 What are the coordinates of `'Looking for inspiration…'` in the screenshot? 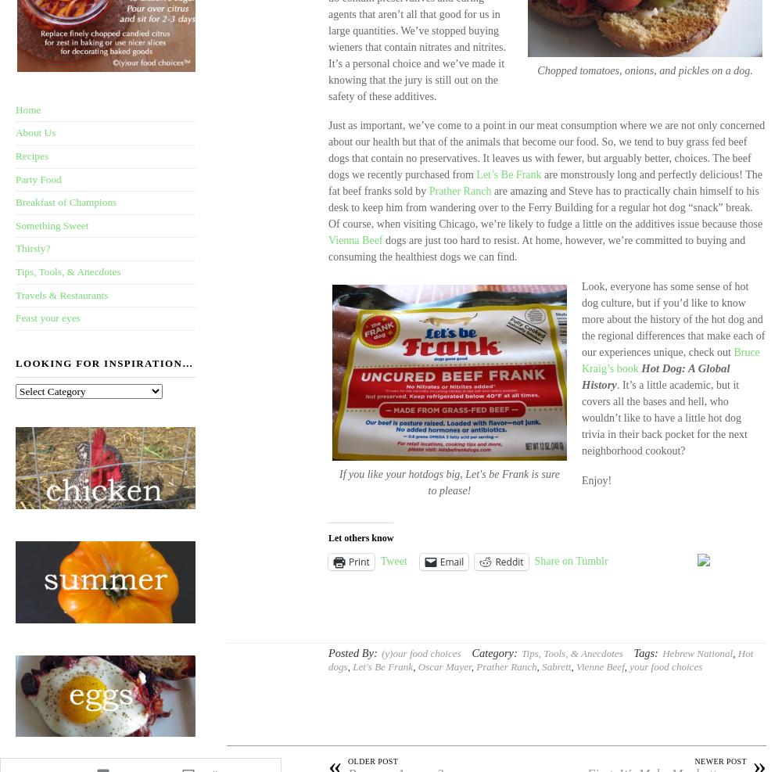 It's located at (104, 361).